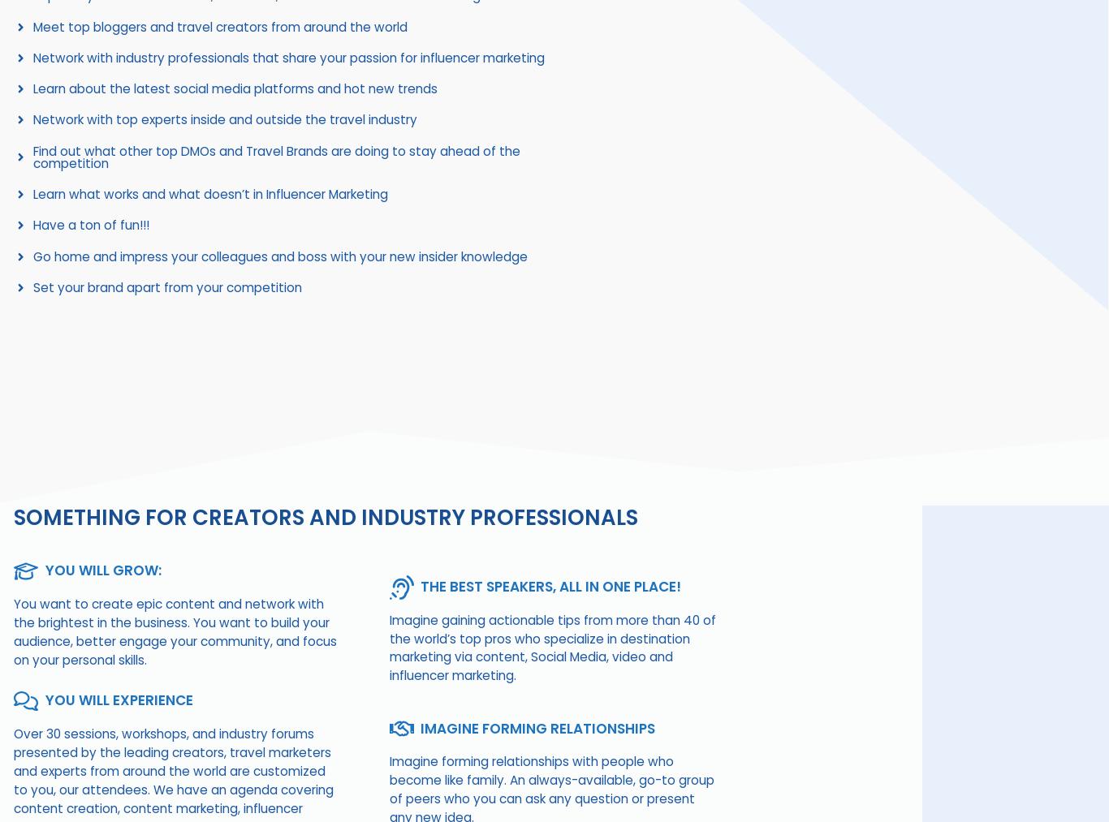 The height and width of the screenshot is (822, 1109). I want to click on 'Learn what works and what doesn’t in Influencer Marketing', so click(209, 193).